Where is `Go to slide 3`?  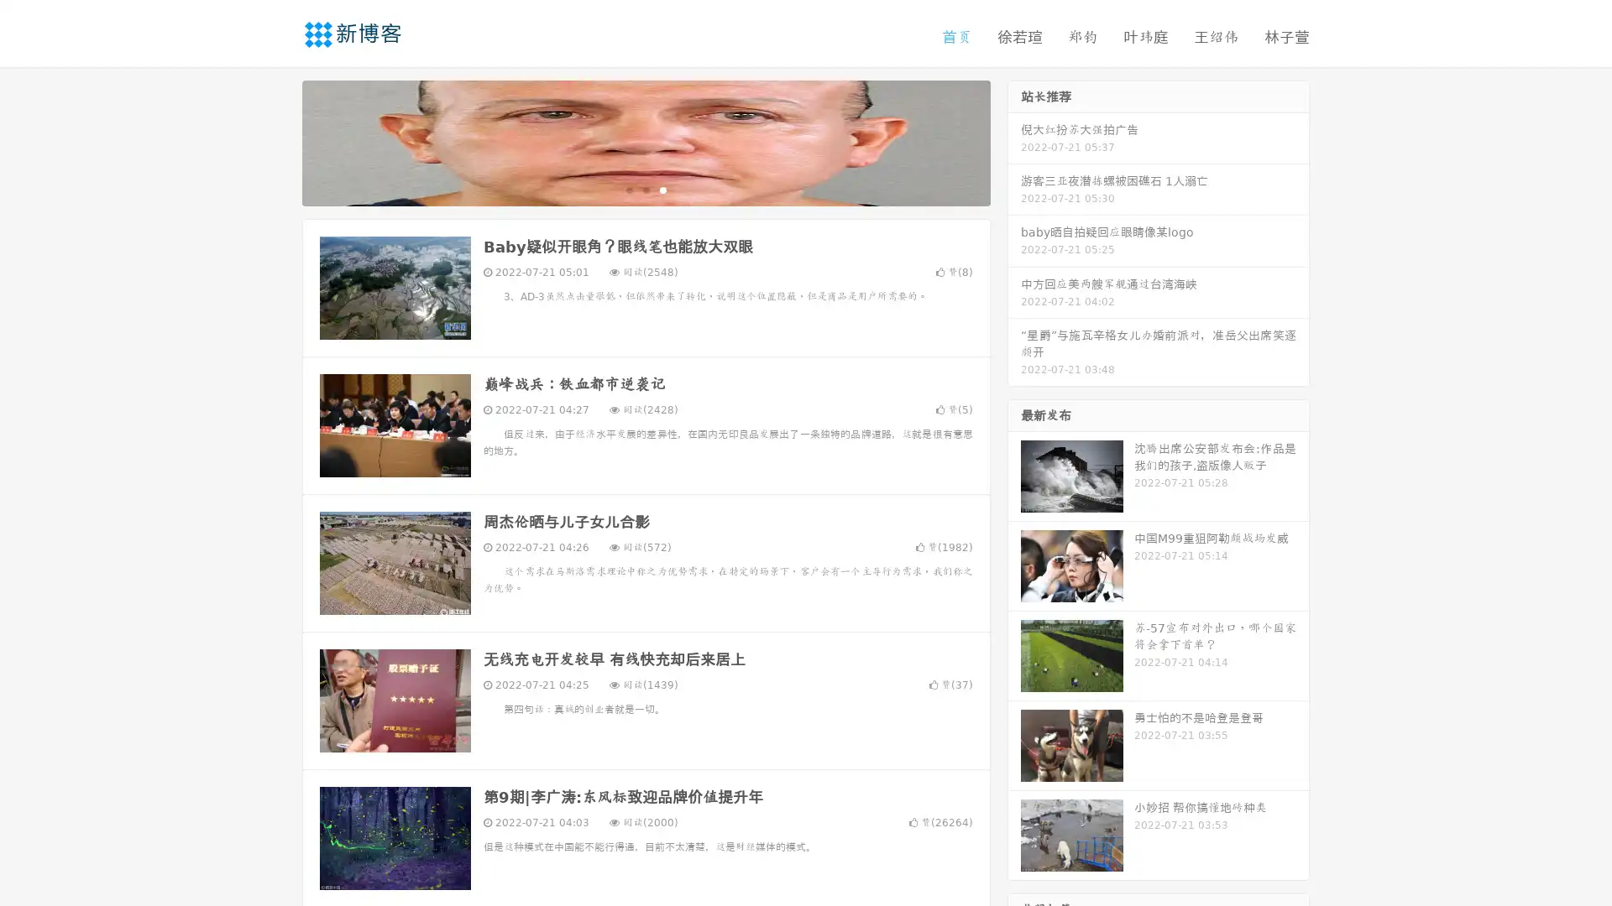 Go to slide 3 is located at coordinates (662, 189).